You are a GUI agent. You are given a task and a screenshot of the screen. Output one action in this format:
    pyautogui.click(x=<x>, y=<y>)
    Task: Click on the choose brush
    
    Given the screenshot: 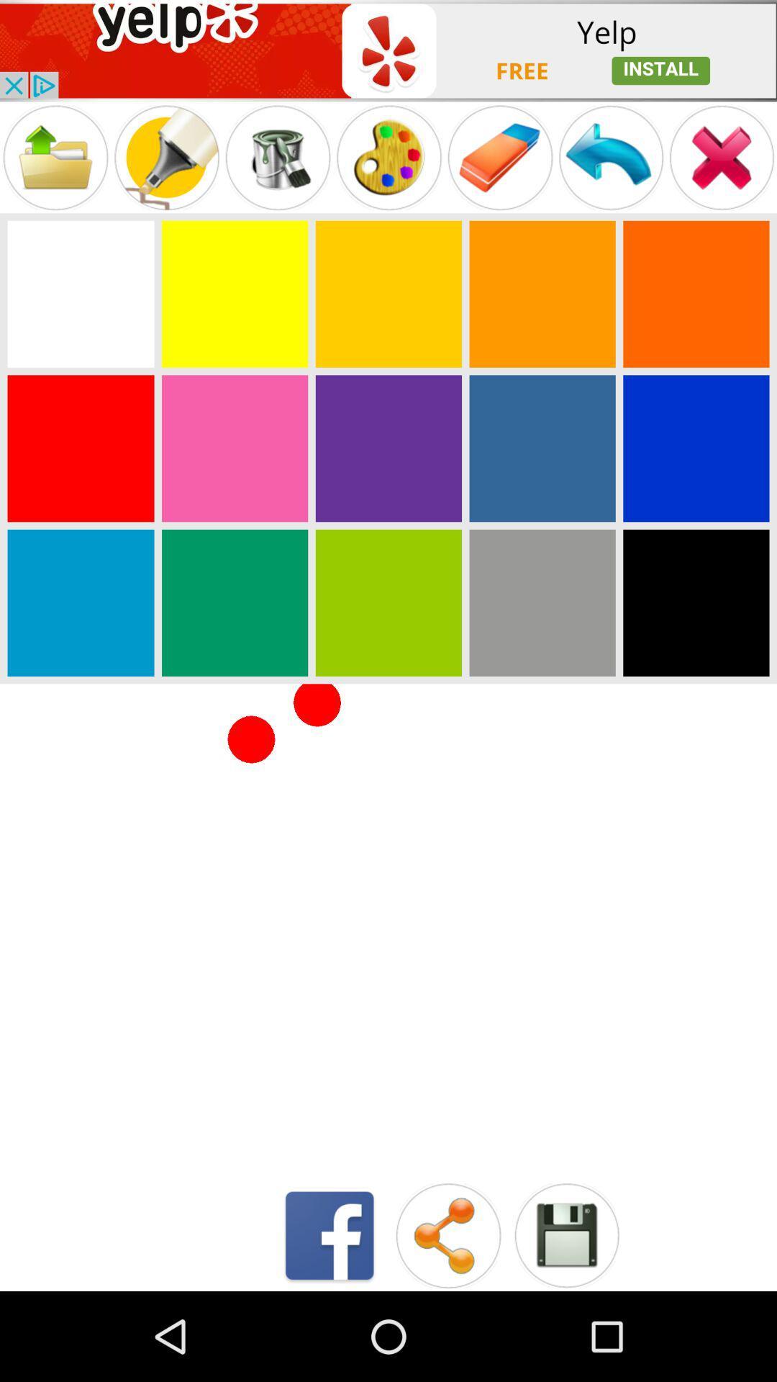 What is the action you would take?
    pyautogui.click(x=165, y=158)
    